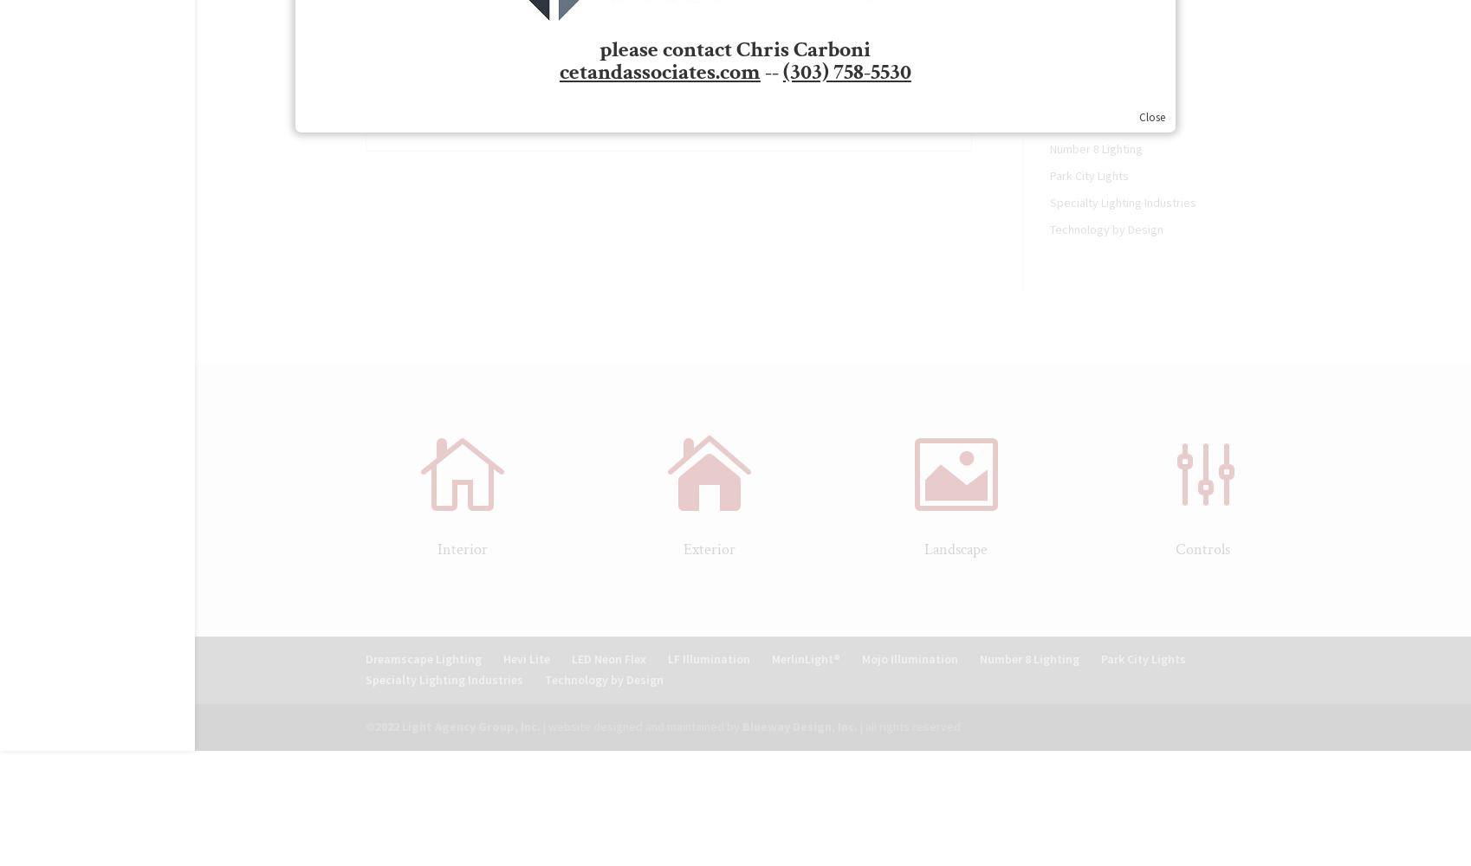  Describe the element at coordinates (956, 549) in the screenshot. I see `'Landscape'` at that location.